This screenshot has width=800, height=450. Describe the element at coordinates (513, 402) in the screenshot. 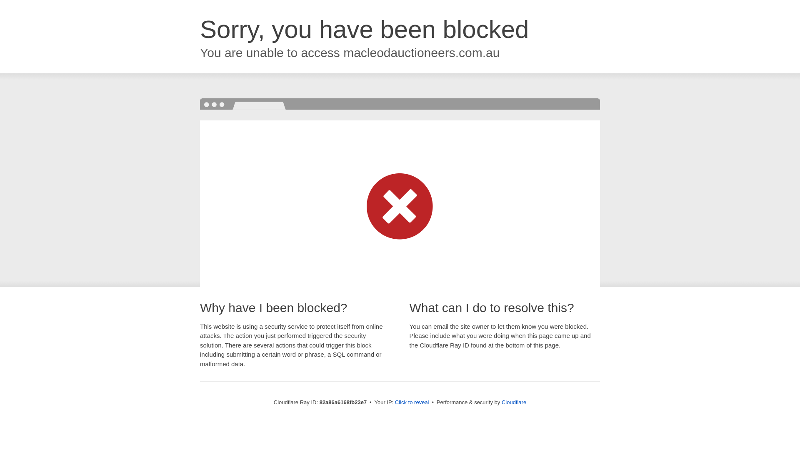

I see `'Cloudflare'` at that location.